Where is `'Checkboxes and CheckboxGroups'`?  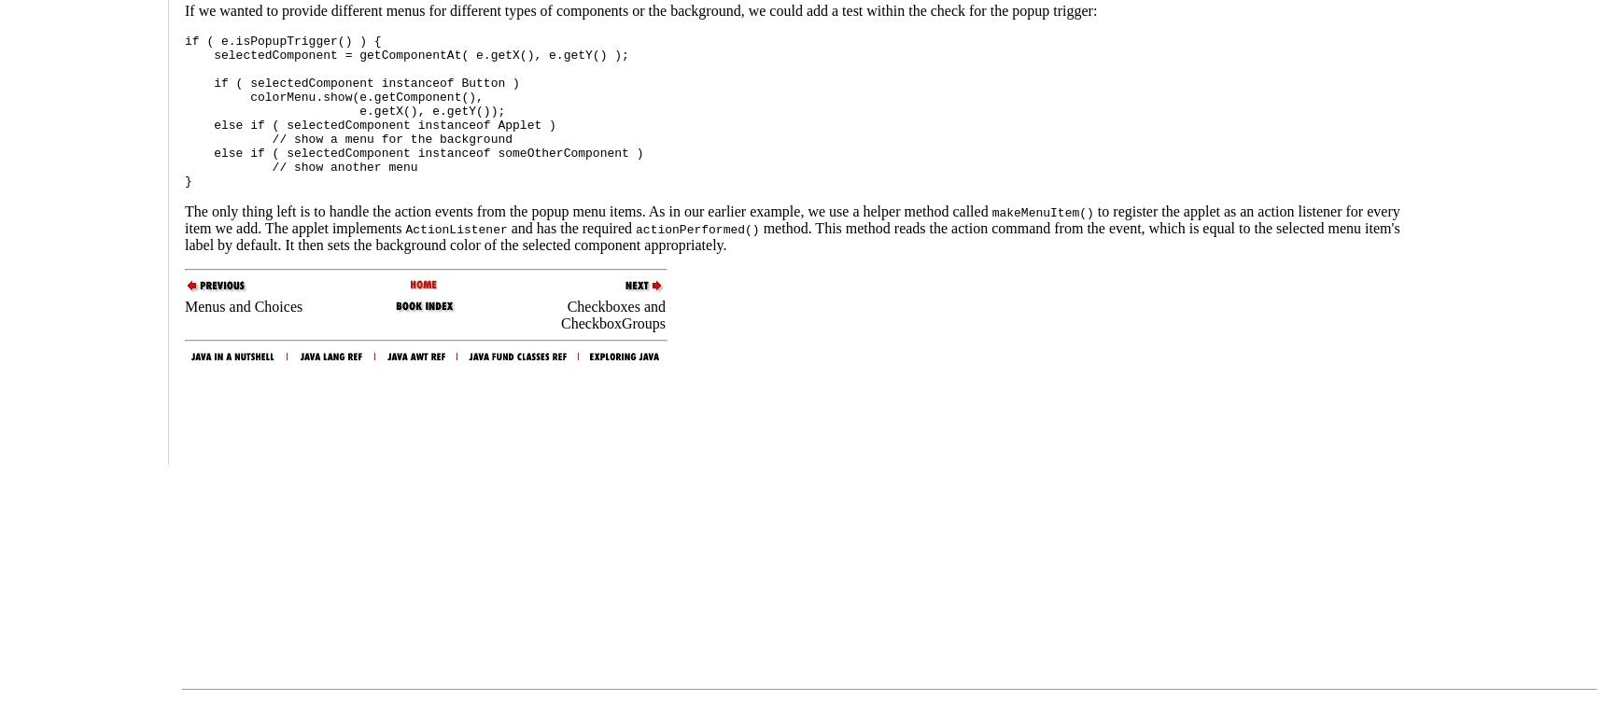
'Checkboxes and CheckboxGroups' is located at coordinates (612, 315).